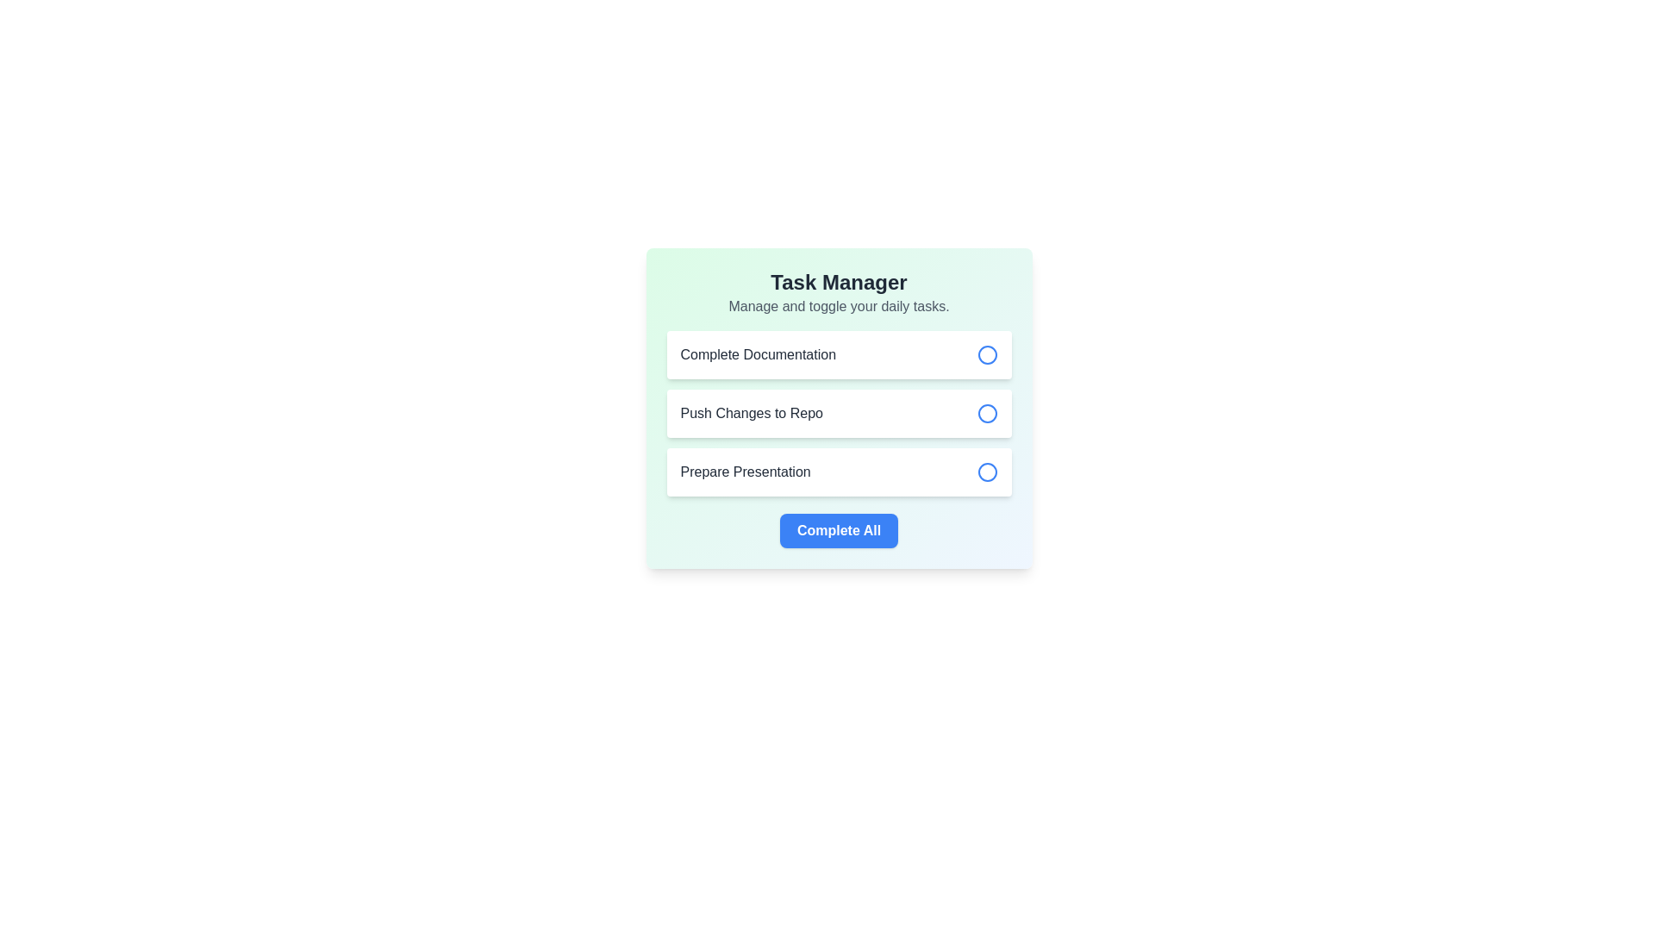 This screenshot has height=931, width=1655. Describe the element at coordinates (987, 354) in the screenshot. I see `the blue circular radio button located in the right section of the card labeled 'Complete Documentation'` at that location.